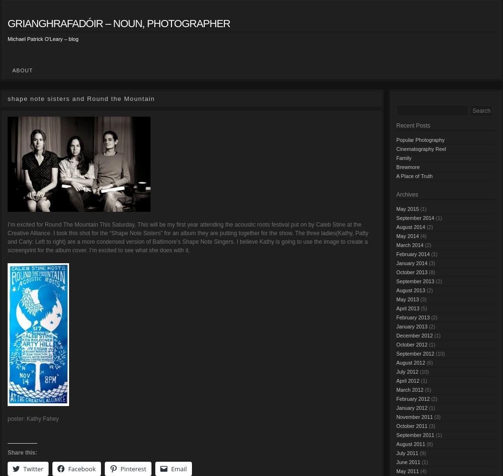 The height and width of the screenshot is (476, 503). Describe the element at coordinates (412, 398) in the screenshot. I see `'February 2012'` at that location.